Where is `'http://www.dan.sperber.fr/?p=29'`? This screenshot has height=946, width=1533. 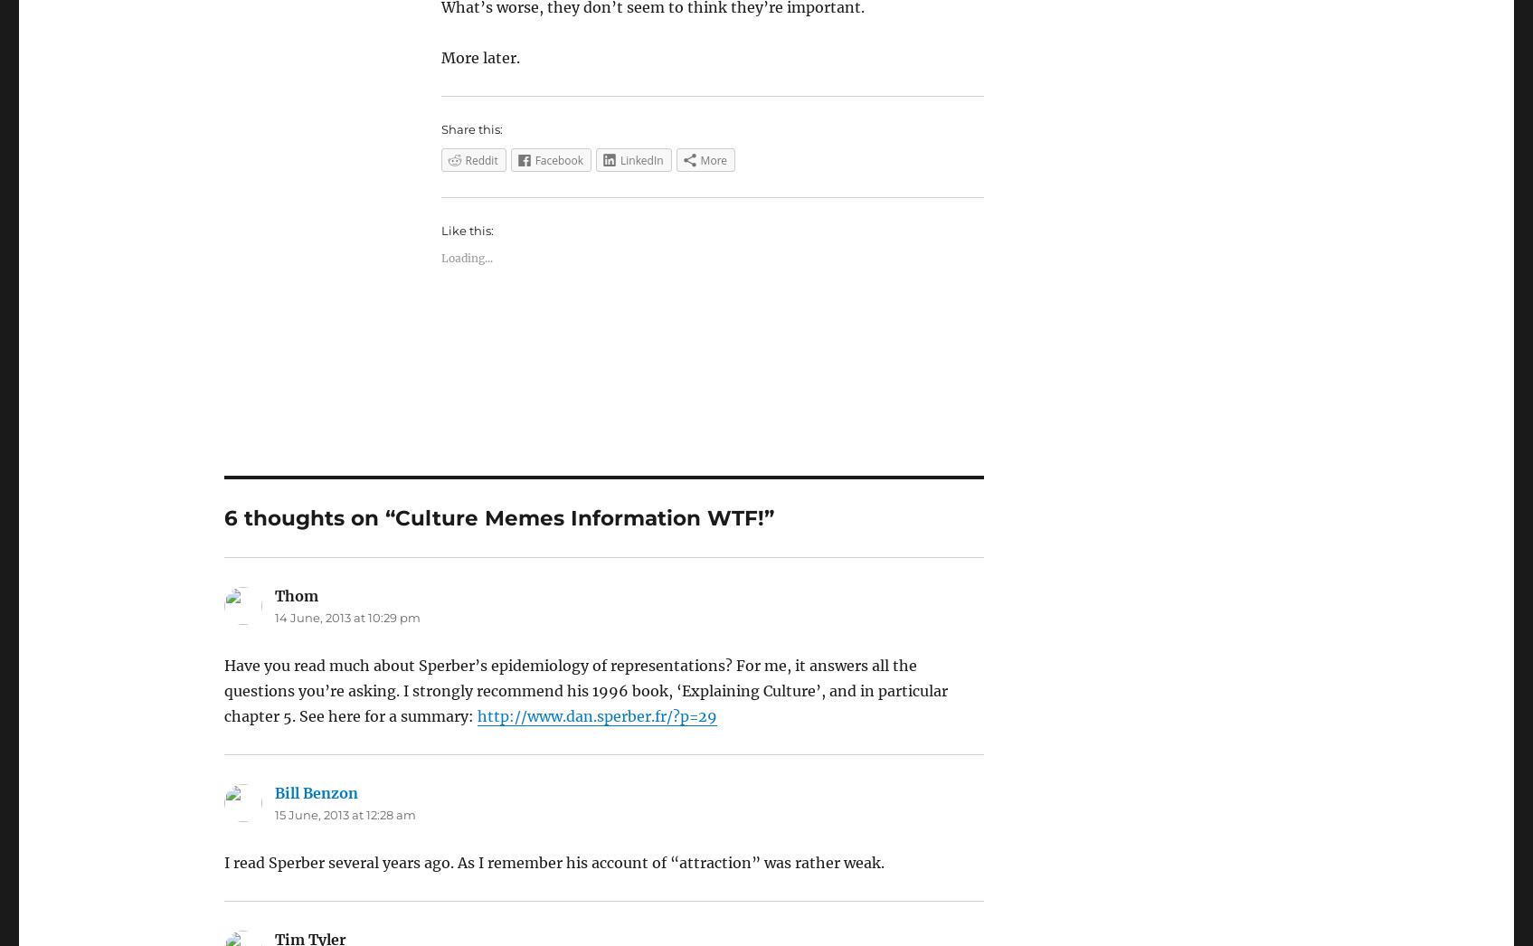 'http://www.dan.sperber.fr/?p=29' is located at coordinates (596, 716).